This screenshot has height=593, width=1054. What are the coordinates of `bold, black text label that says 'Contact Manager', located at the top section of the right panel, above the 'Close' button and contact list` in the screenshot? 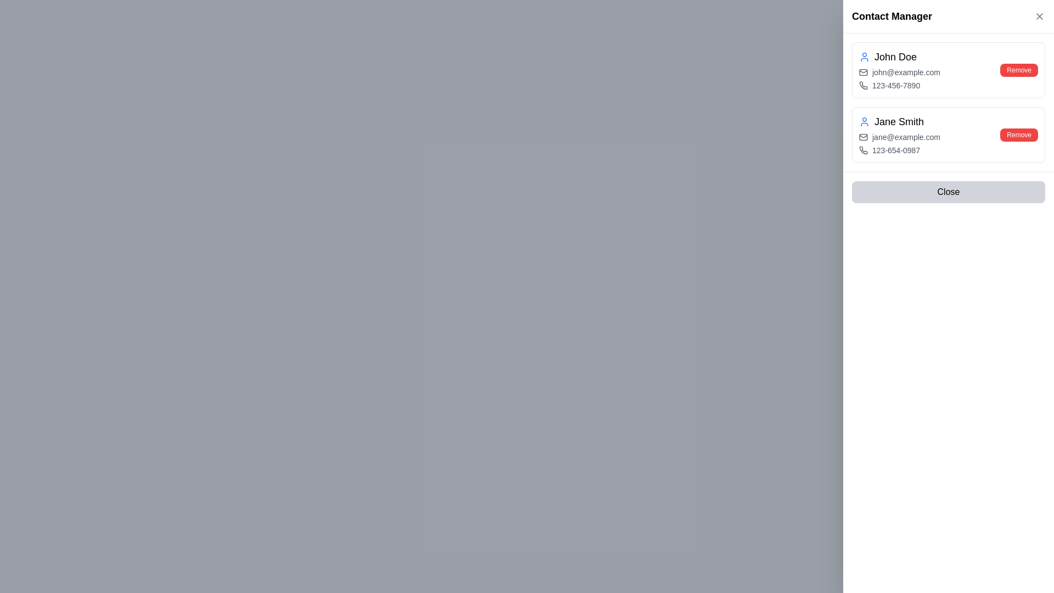 It's located at (892, 16).